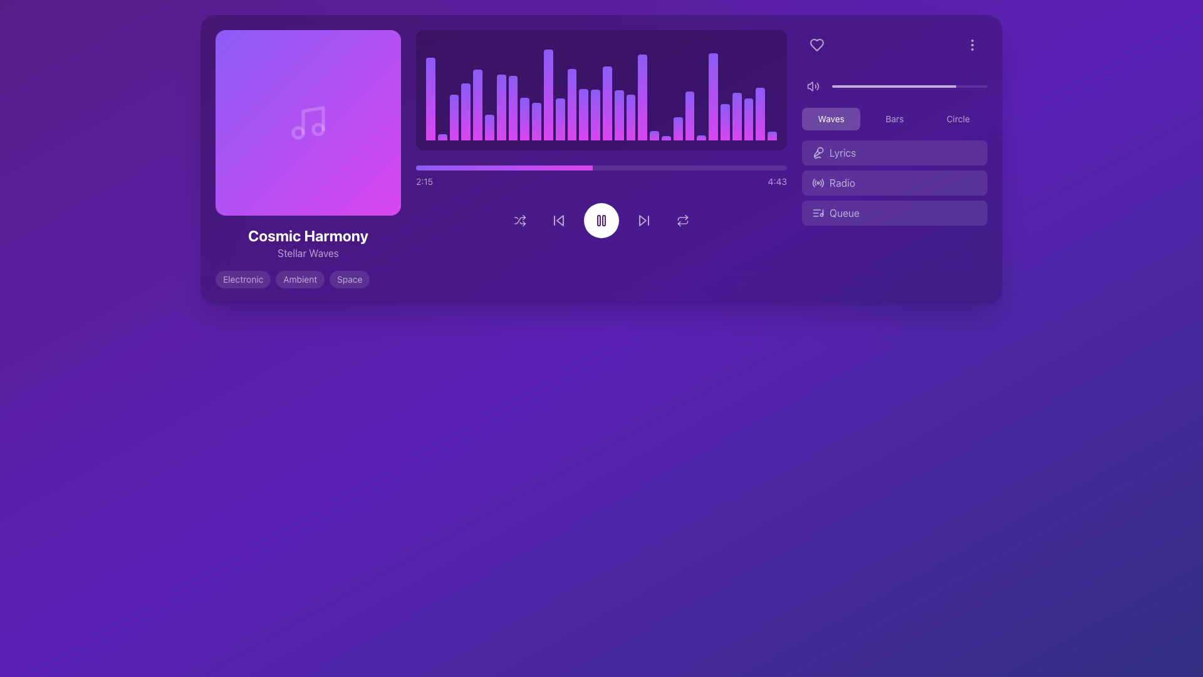 This screenshot has height=677, width=1203. What do you see at coordinates (817, 45) in the screenshot?
I see `the like or favorite button located in the top-right section of the interface, above the playback controls, to initiate hover effects` at bounding box center [817, 45].